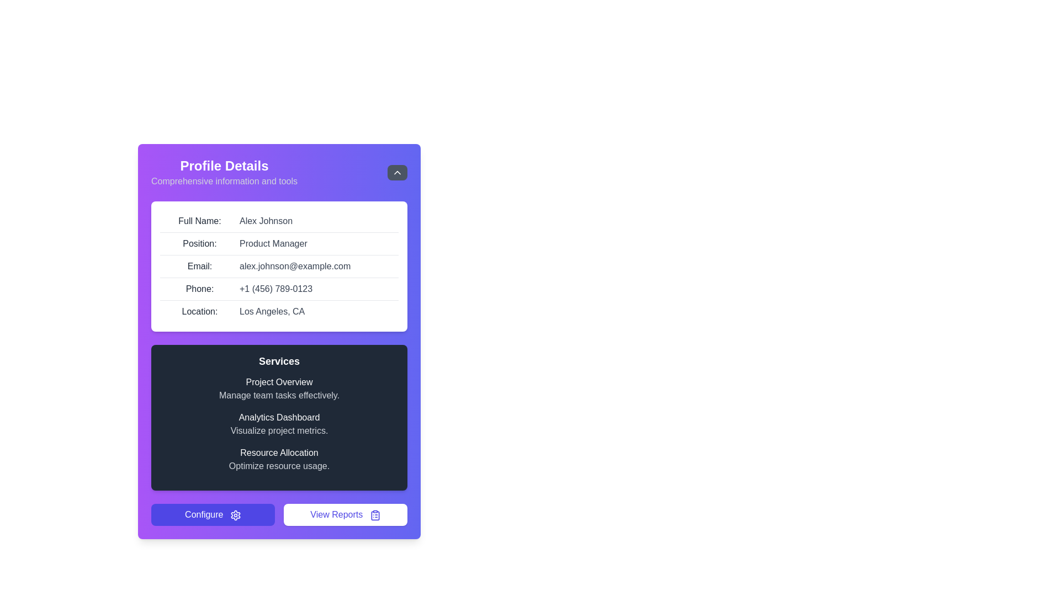 The height and width of the screenshot is (596, 1060). Describe the element at coordinates (279, 389) in the screenshot. I see `the text block titled 'Project Overview' which describes 'Manage team tasks effectively.' located under the 'Services' section` at that location.